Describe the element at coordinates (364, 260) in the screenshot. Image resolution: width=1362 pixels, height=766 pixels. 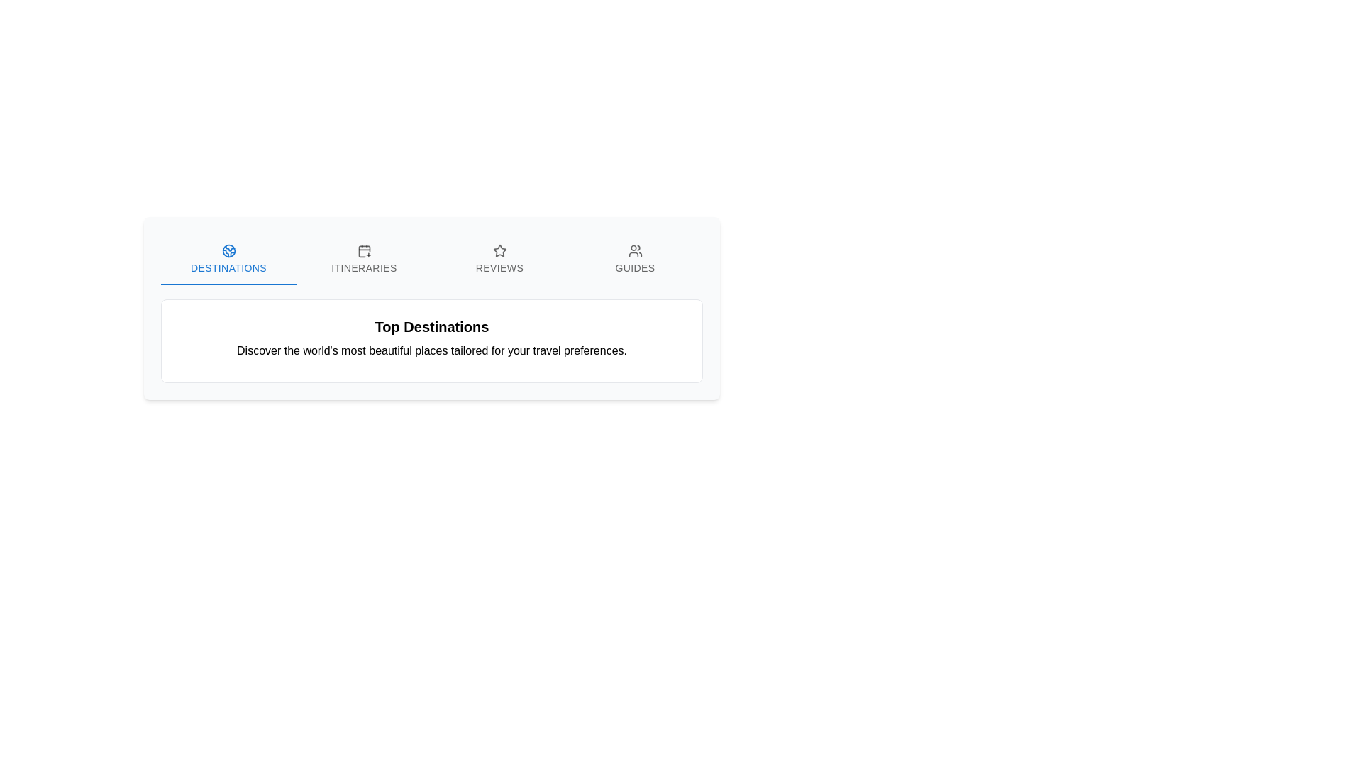
I see `the 'Itineraries' tab item, which features a calendar icon with a plus sign and the text 'Itineraries', located as the second tab in the tab bar` at that location.